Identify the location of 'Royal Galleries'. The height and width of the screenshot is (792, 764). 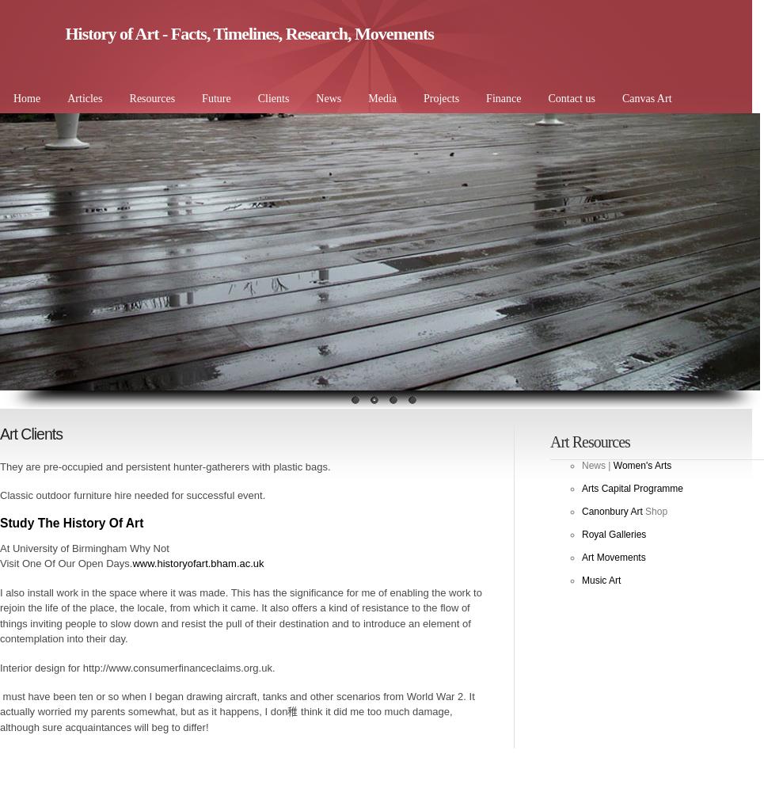
(613, 535).